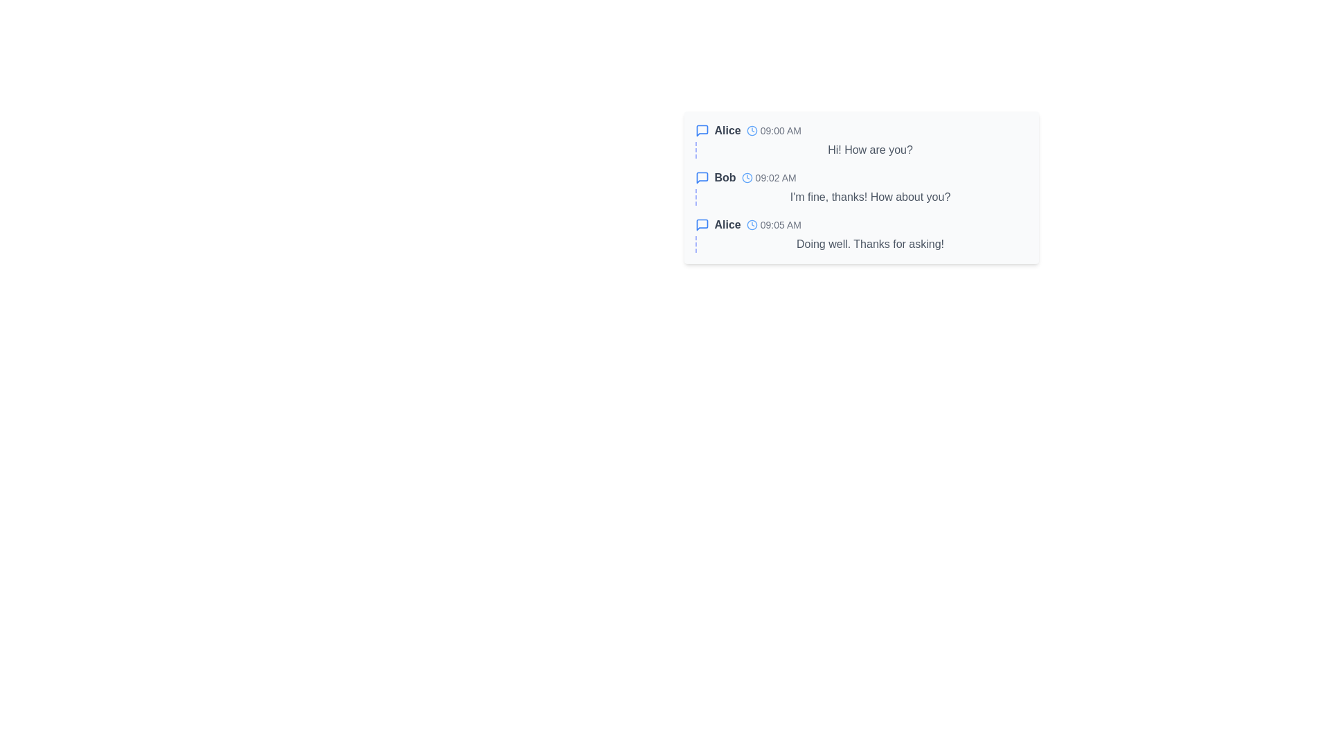  I want to click on the second chat message display between 'Alice 09:00 AM' and 'Alice 09:05 AM', so click(860, 187).